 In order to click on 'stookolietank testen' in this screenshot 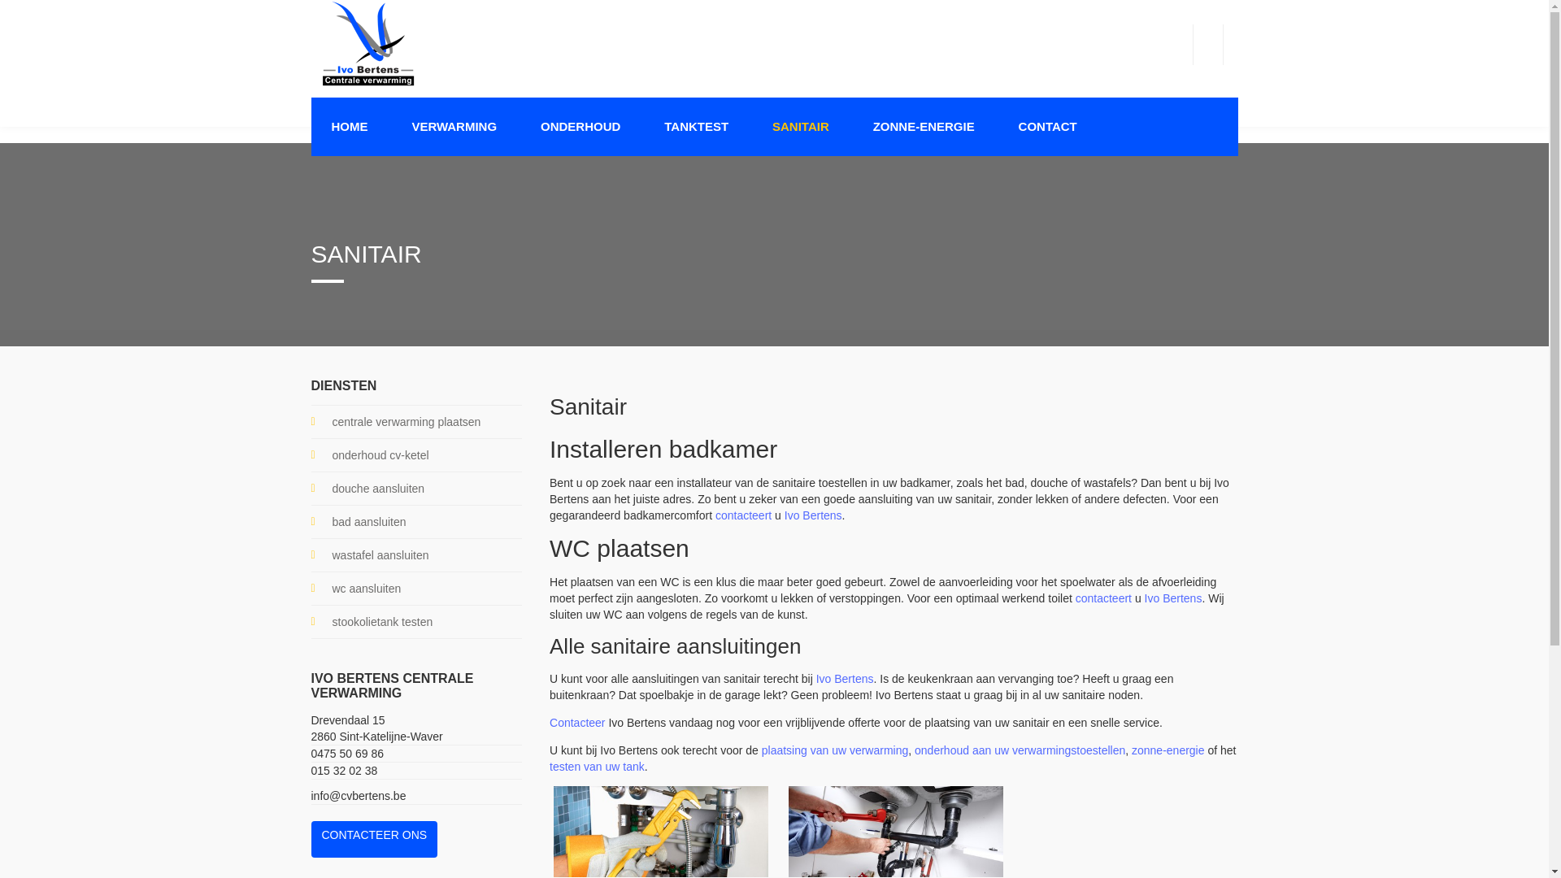, I will do `click(415, 621)`.